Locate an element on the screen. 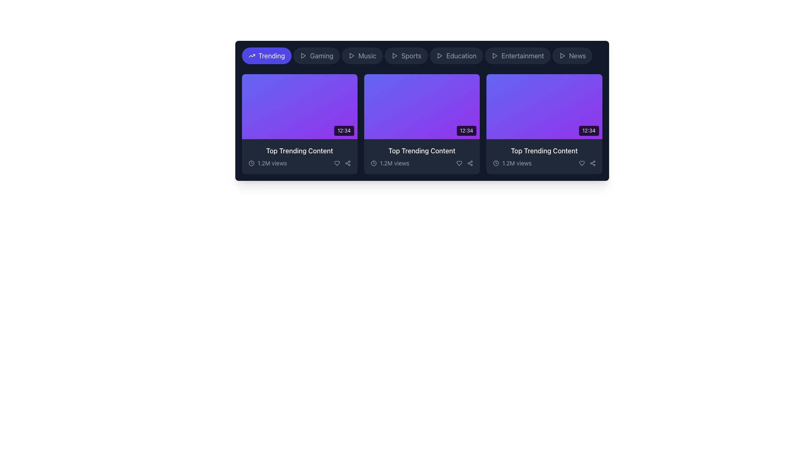 Image resolution: width=801 pixels, height=450 pixels. the primary text label located in the third content card, which serves as a title for the card's content, positioned beneath a purple thumbnail and above '1.2M views' is located at coordinates (544, 151).